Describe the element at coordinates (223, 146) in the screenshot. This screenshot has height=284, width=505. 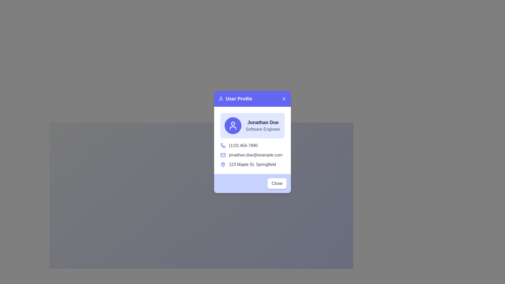
I see `the phone icon located to the left of the text '(123) 456-7890' within the profile card layout` at that location.